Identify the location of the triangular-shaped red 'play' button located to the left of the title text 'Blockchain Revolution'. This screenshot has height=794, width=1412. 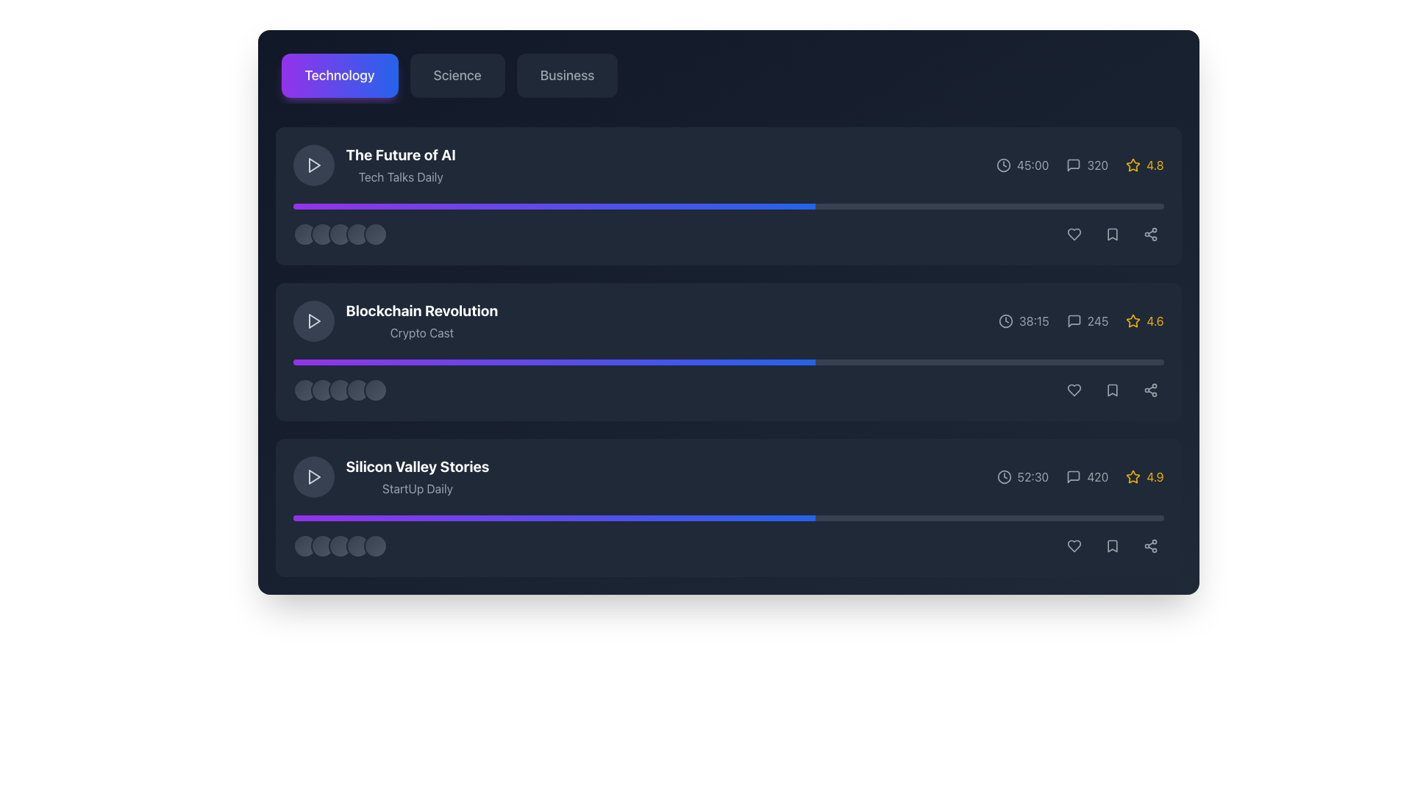
(313, 320).